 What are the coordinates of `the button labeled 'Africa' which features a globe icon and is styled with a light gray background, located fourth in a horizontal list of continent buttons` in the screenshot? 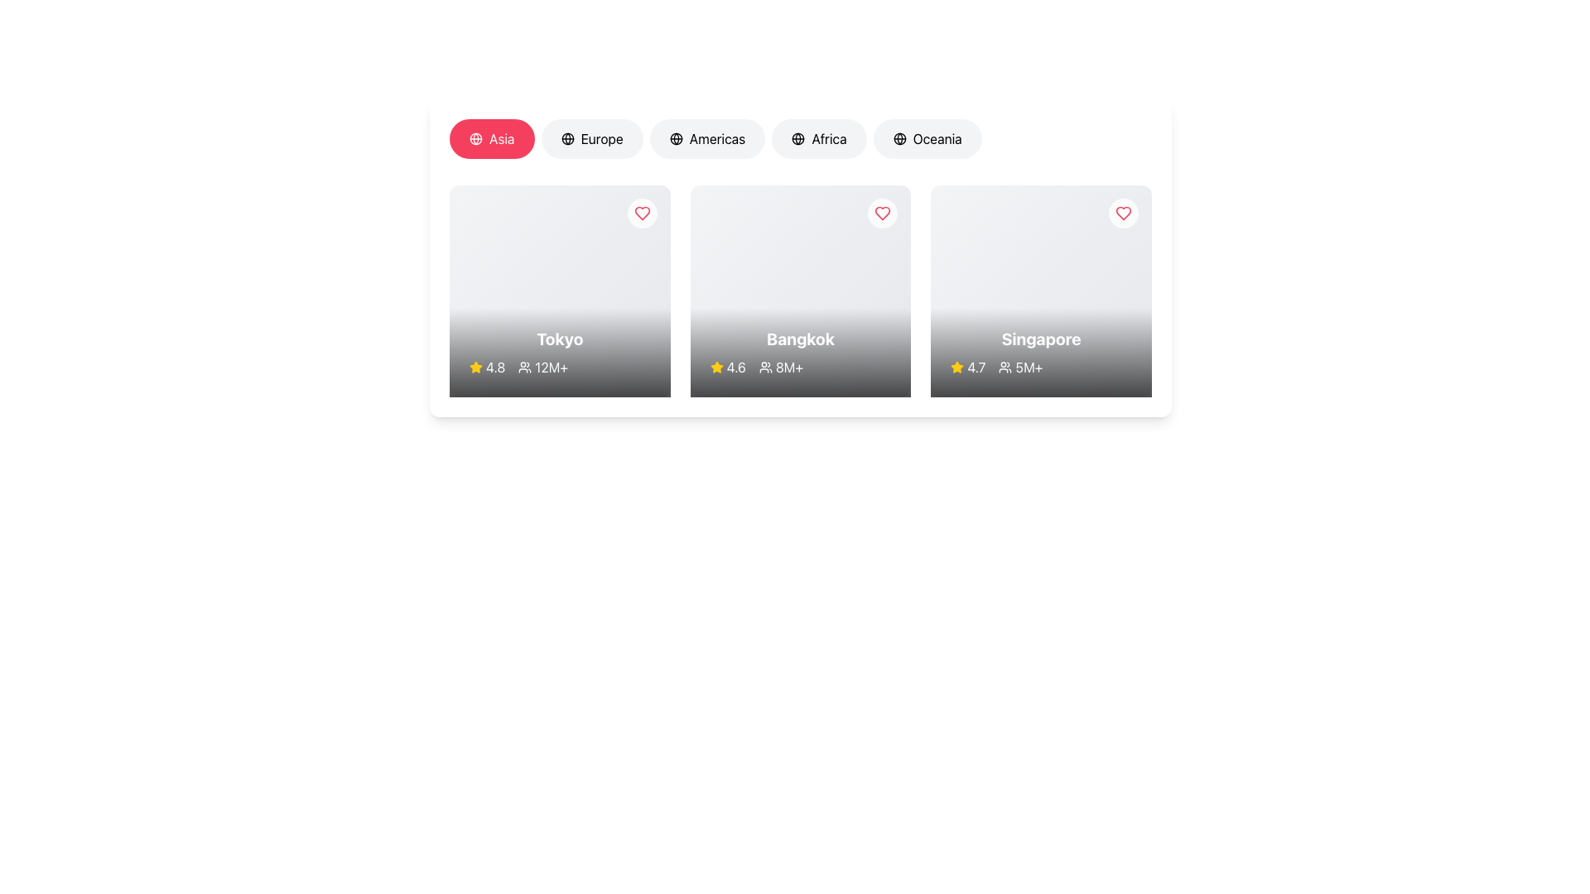 It's located at (819, 138).